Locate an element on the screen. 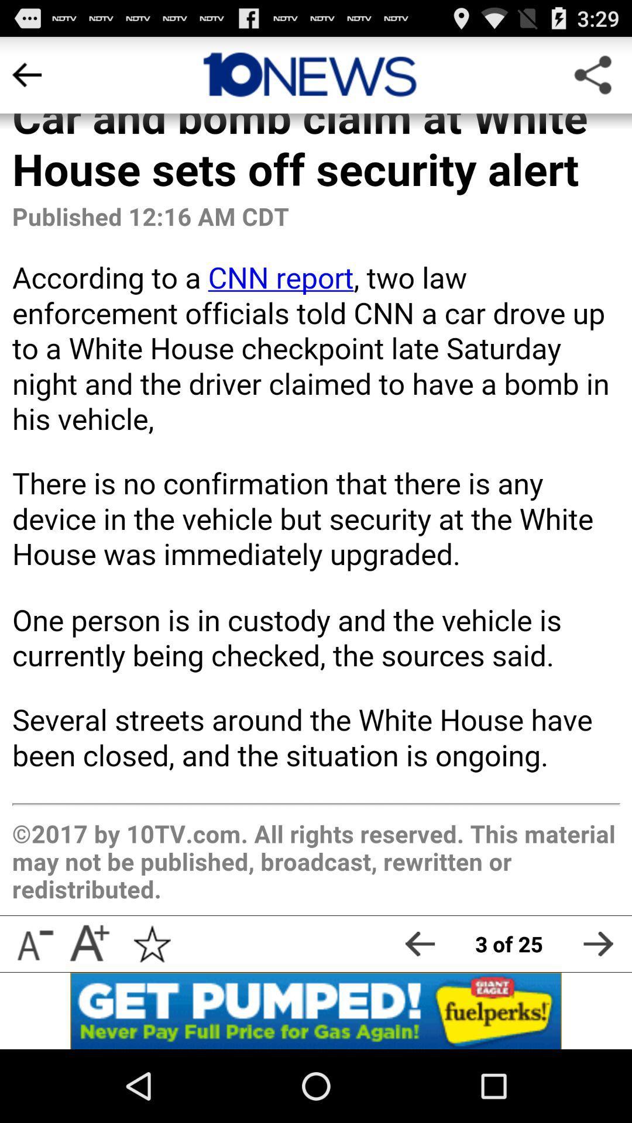 The height and width of the screenshot is (1123, 632). increase text size is located at coordinates (88, 943).